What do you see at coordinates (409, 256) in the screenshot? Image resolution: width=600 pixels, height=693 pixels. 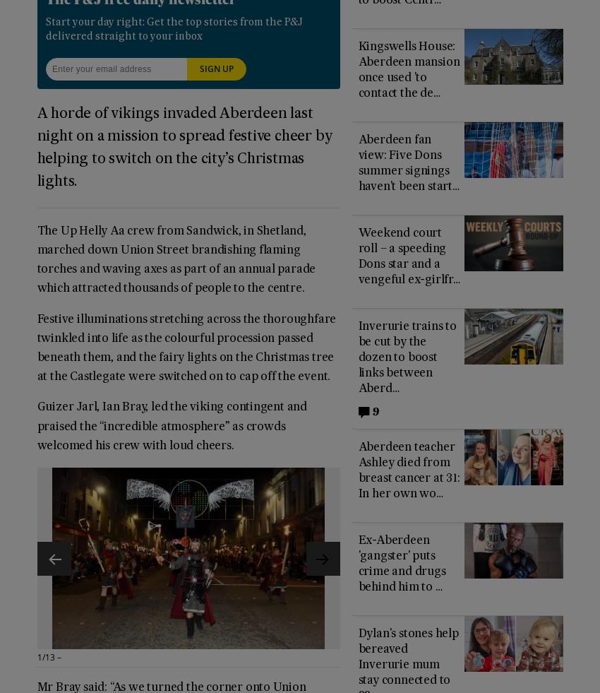 I see `'Weekend court roll – a speeding Dons star and a vengeful ex-girlfr…'` at bounding box center [409, 256].